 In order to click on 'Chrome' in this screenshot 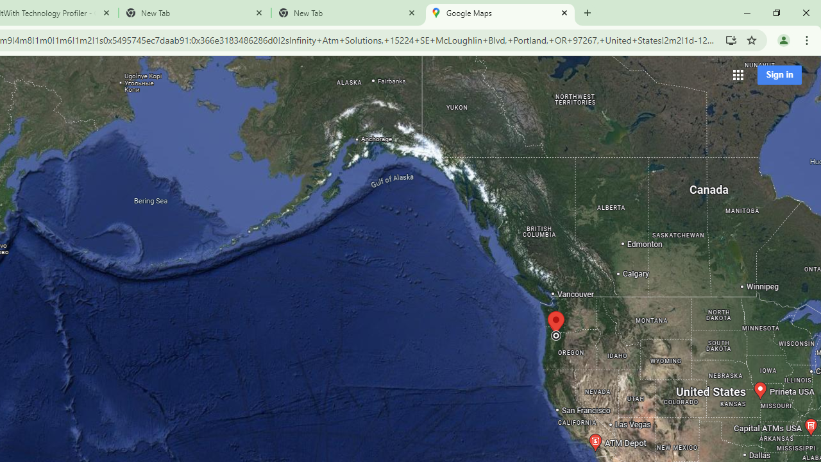, I will do `click(808, 39)`.